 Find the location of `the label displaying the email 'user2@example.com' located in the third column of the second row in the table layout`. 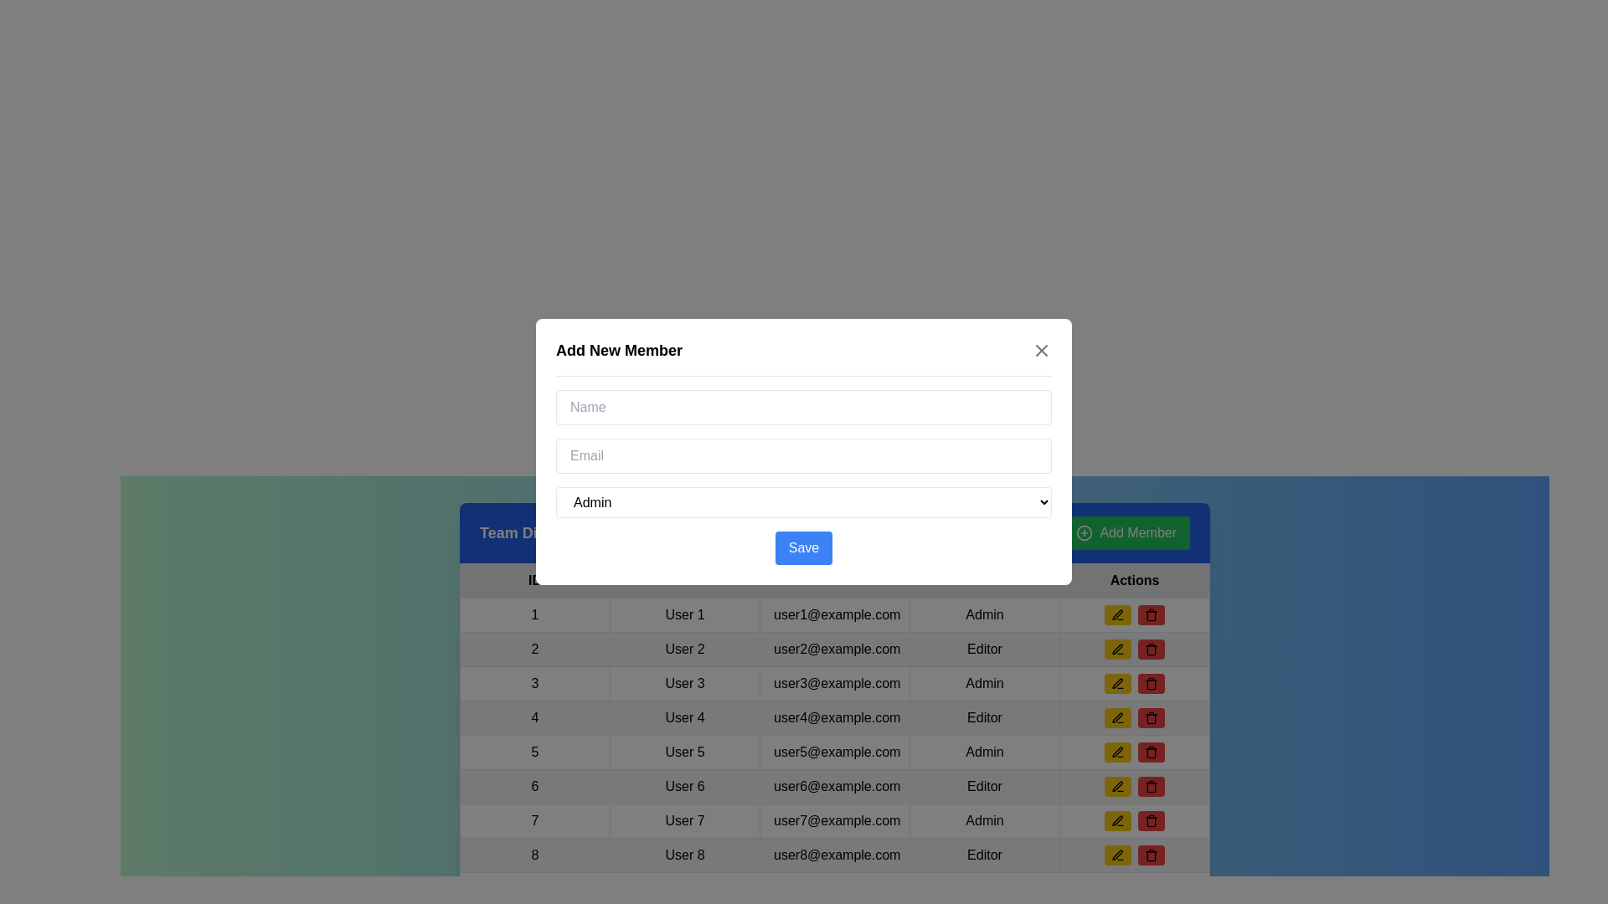

the label displaying the email 'user2@example.com' located in the third column of the second row in the table layout is located at coordinates (835, 648).